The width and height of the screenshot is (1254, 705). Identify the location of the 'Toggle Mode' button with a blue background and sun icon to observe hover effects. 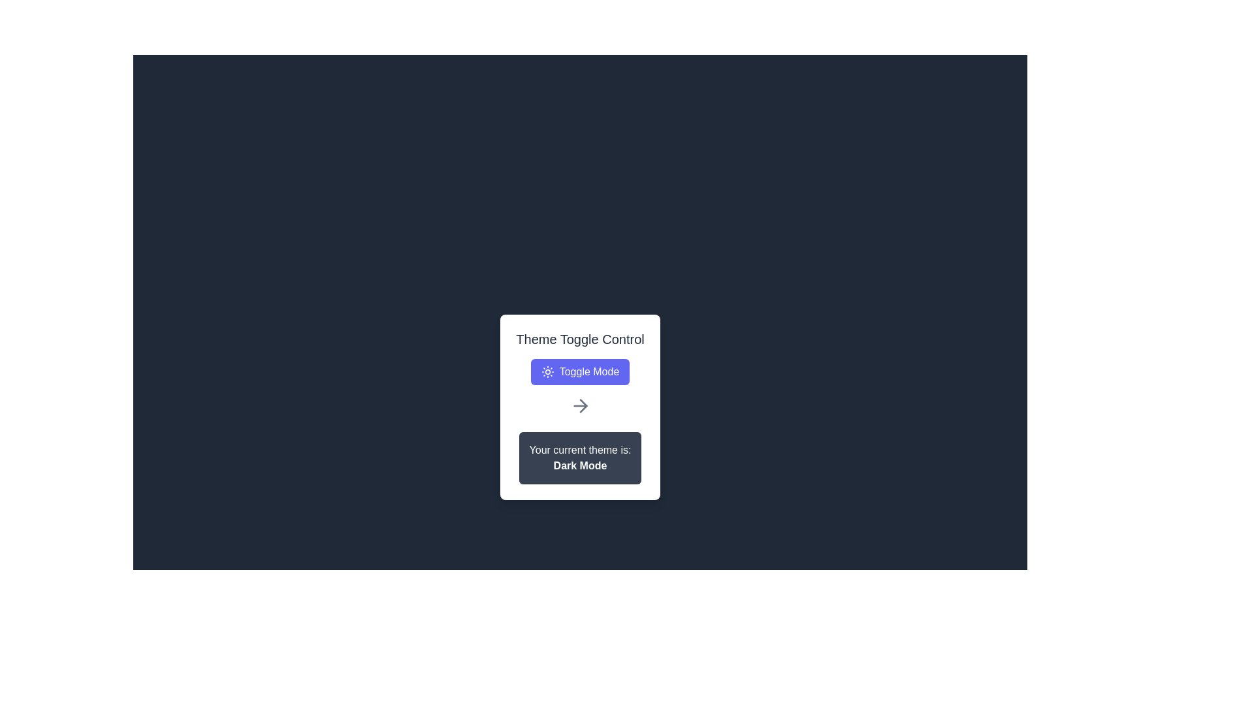
(579, 372).